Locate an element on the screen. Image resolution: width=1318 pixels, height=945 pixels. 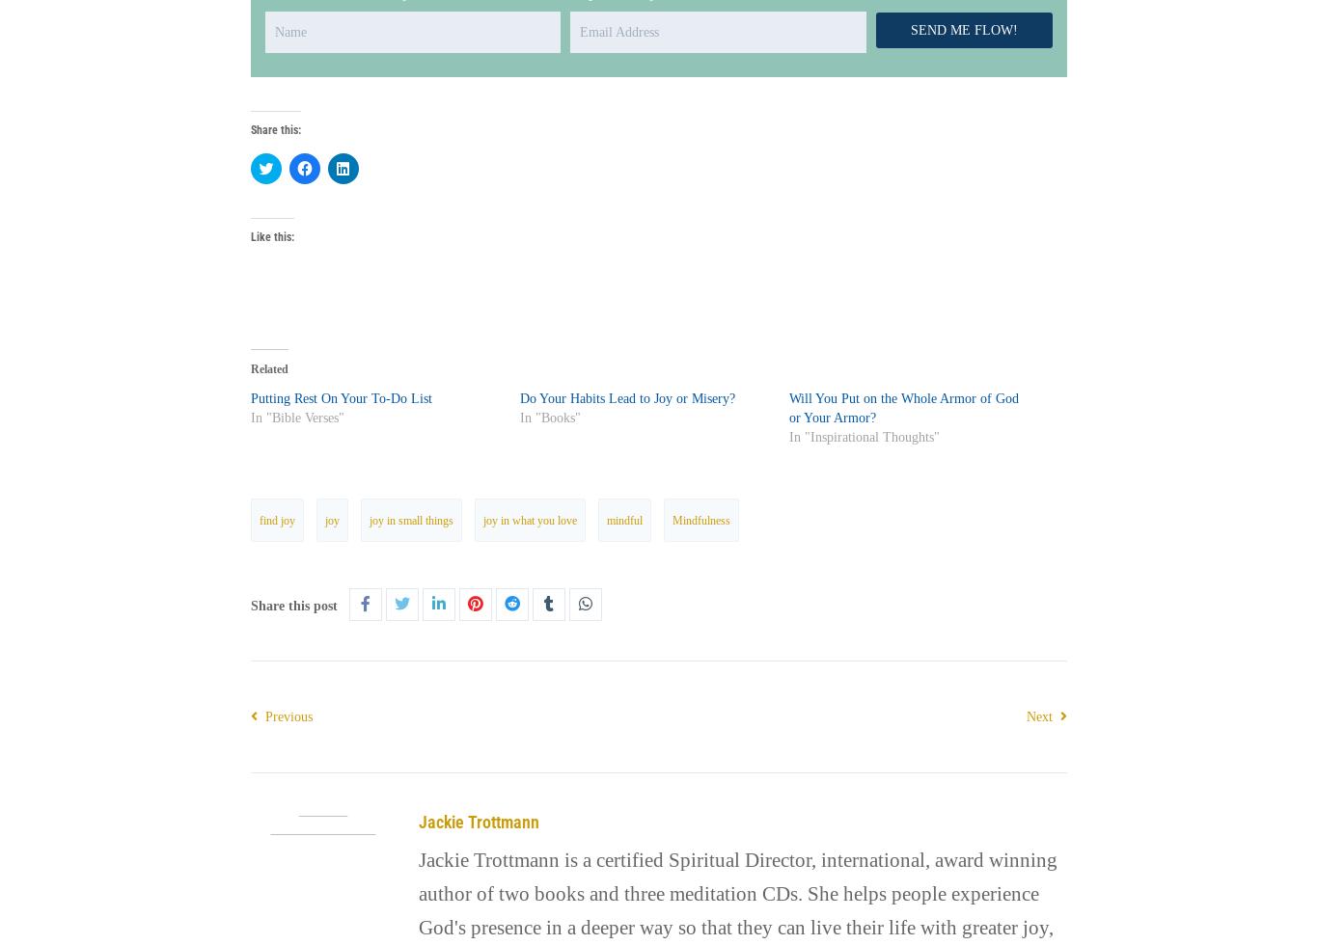
'Related' is located at coordinates (268, 367).